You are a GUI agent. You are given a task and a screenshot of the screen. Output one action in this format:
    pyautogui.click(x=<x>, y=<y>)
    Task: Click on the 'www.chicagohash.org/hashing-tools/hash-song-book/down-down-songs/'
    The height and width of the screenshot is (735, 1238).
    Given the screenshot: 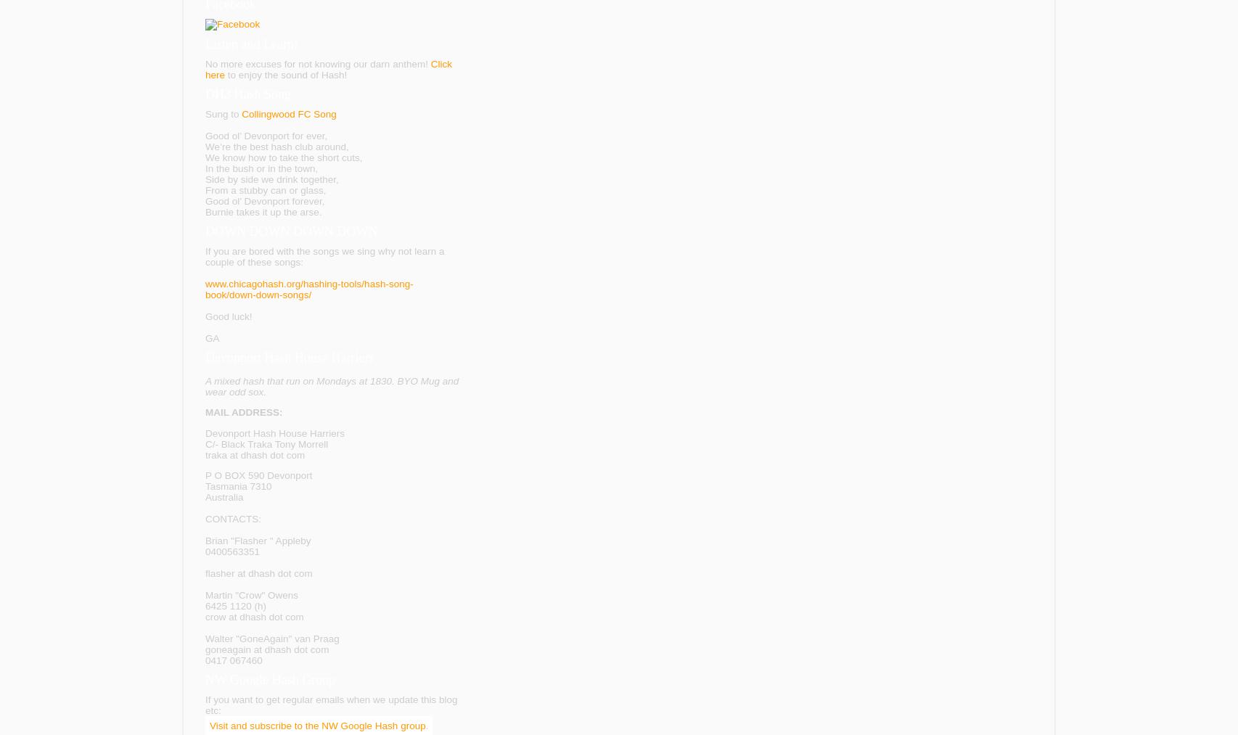 What is the action you would take?
    pyautogui.click(x=308, y=290)
    